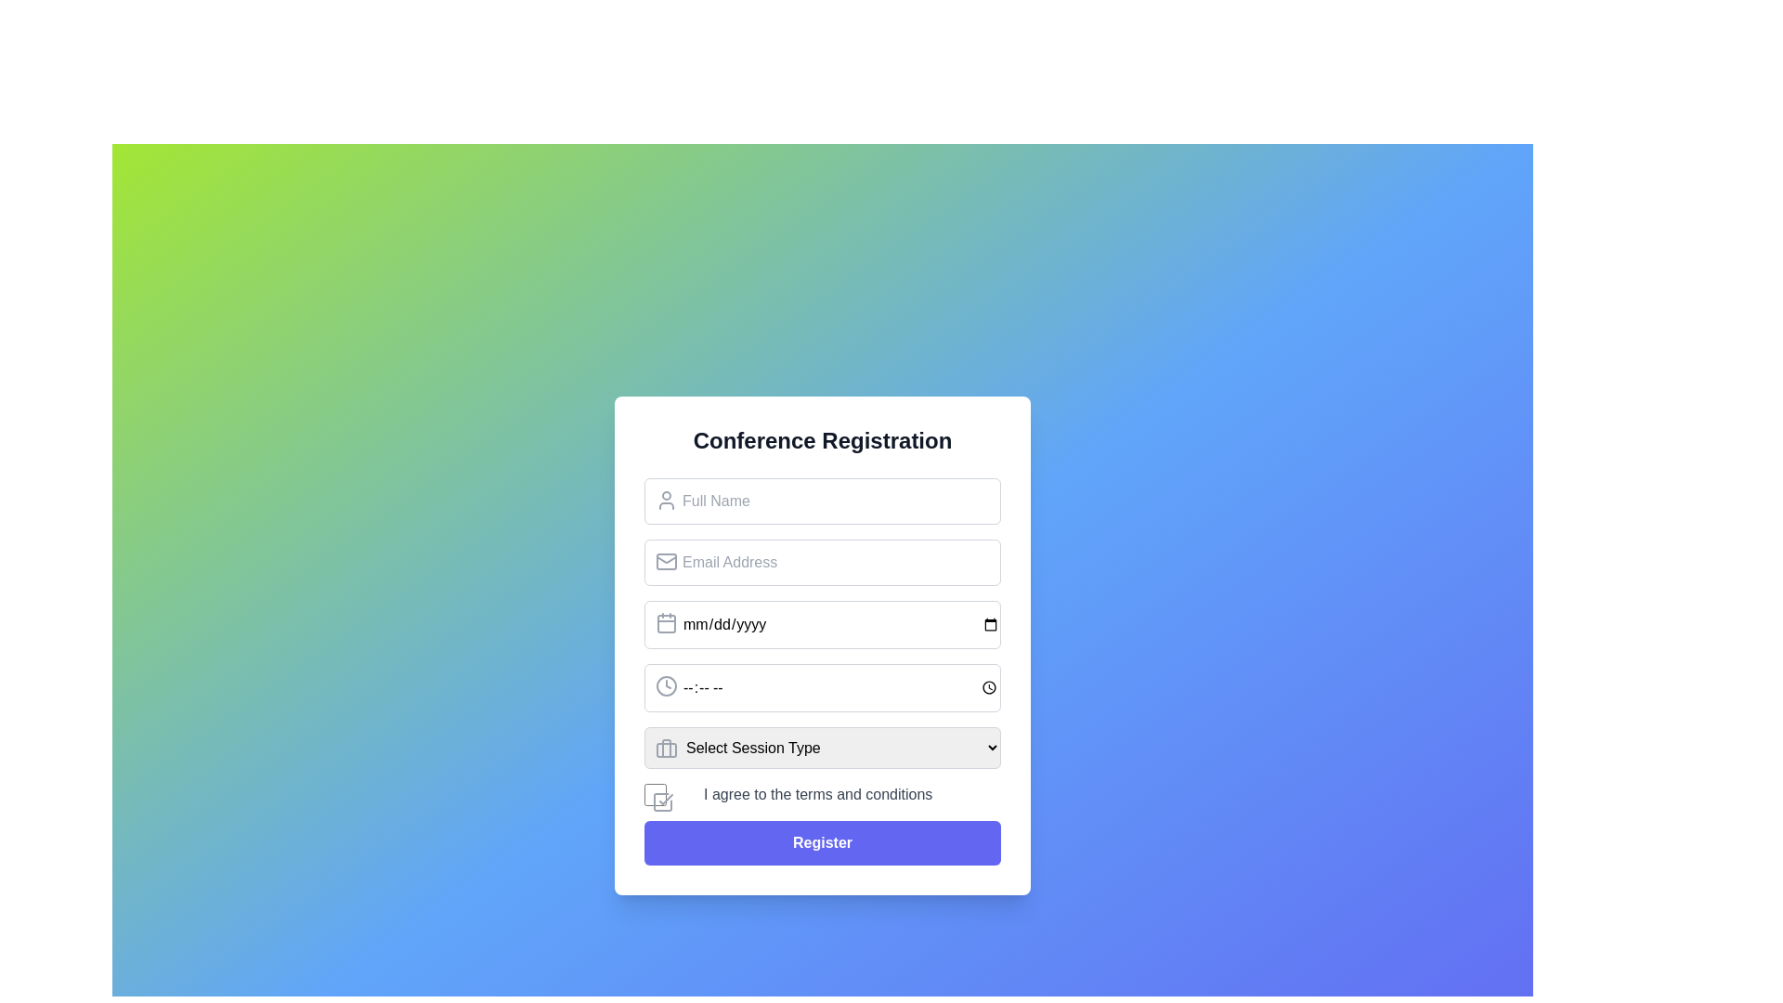 This screenshot has width=1783, height=1003. What do you see at coordinates (667, 623) in the screenshot?
I see `the minimalistic calendar icon located to the left of the 'mm/dd/yyyy' input field in the registration form` at bounding box center [667, 623].